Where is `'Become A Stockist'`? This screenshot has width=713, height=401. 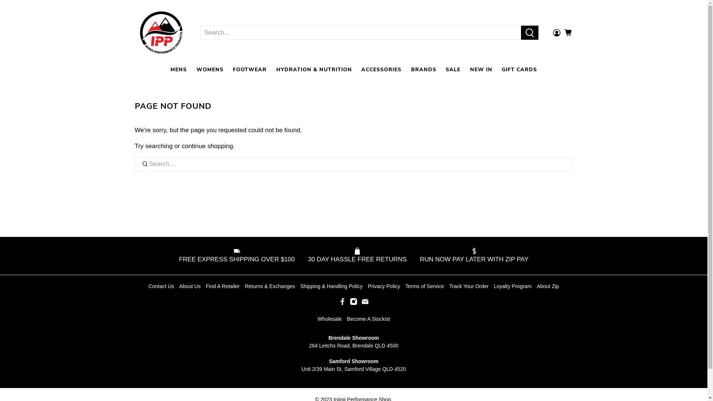 'Become A Stockist' is located at coordinates (368, 319).